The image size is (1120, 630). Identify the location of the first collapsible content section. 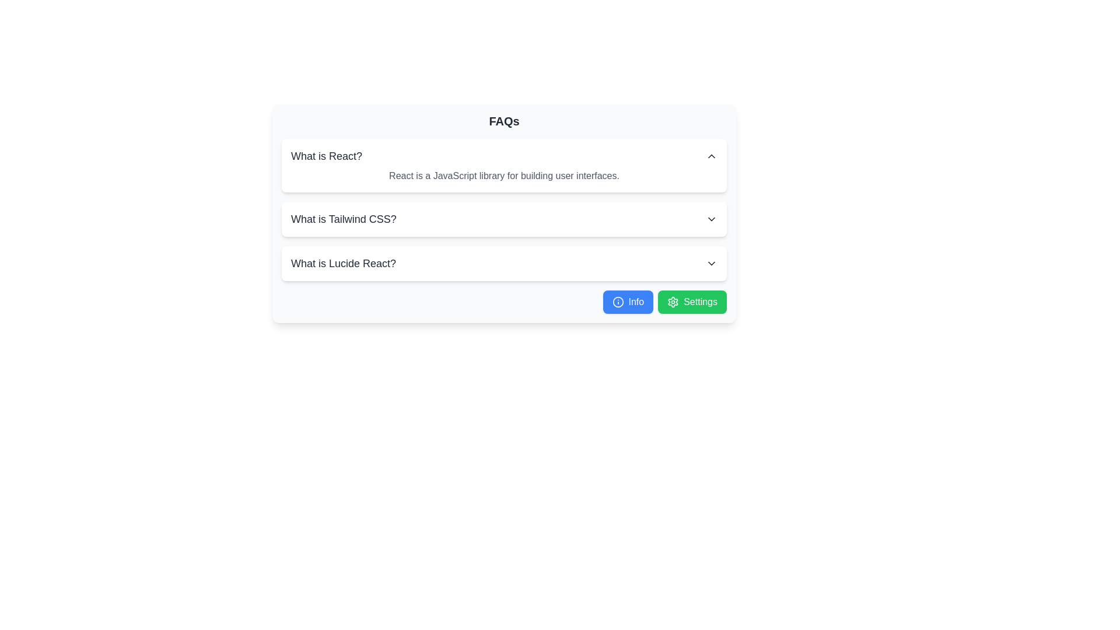
(504, 166).